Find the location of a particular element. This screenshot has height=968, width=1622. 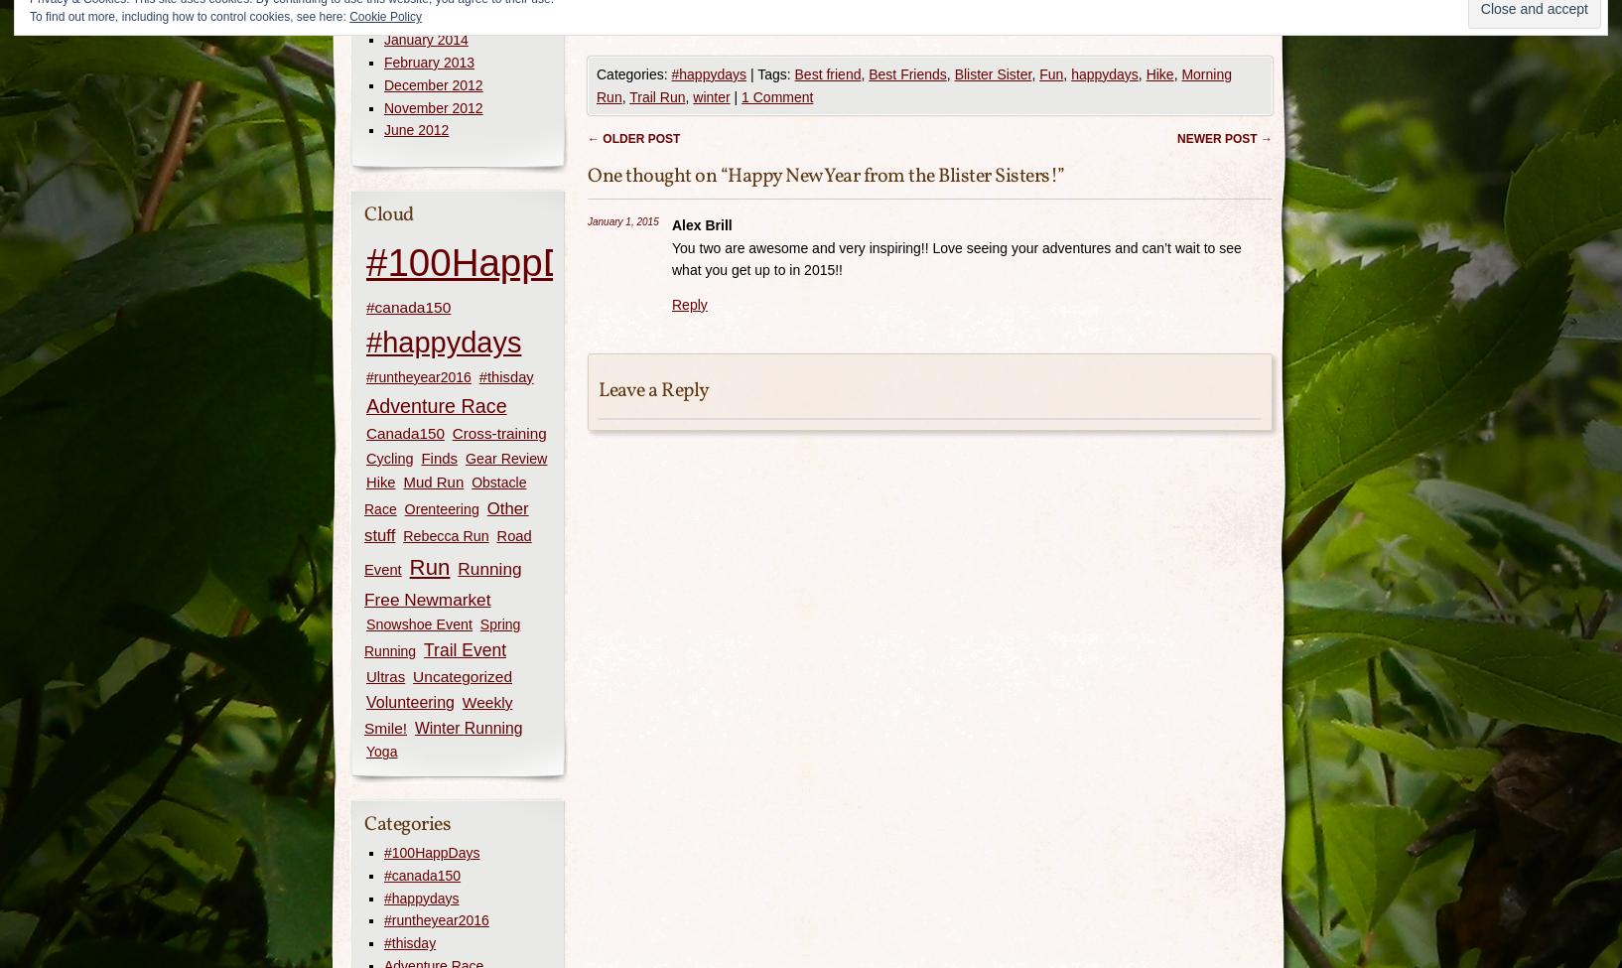

'Alex Brill' is located at coordinates (701, 224).